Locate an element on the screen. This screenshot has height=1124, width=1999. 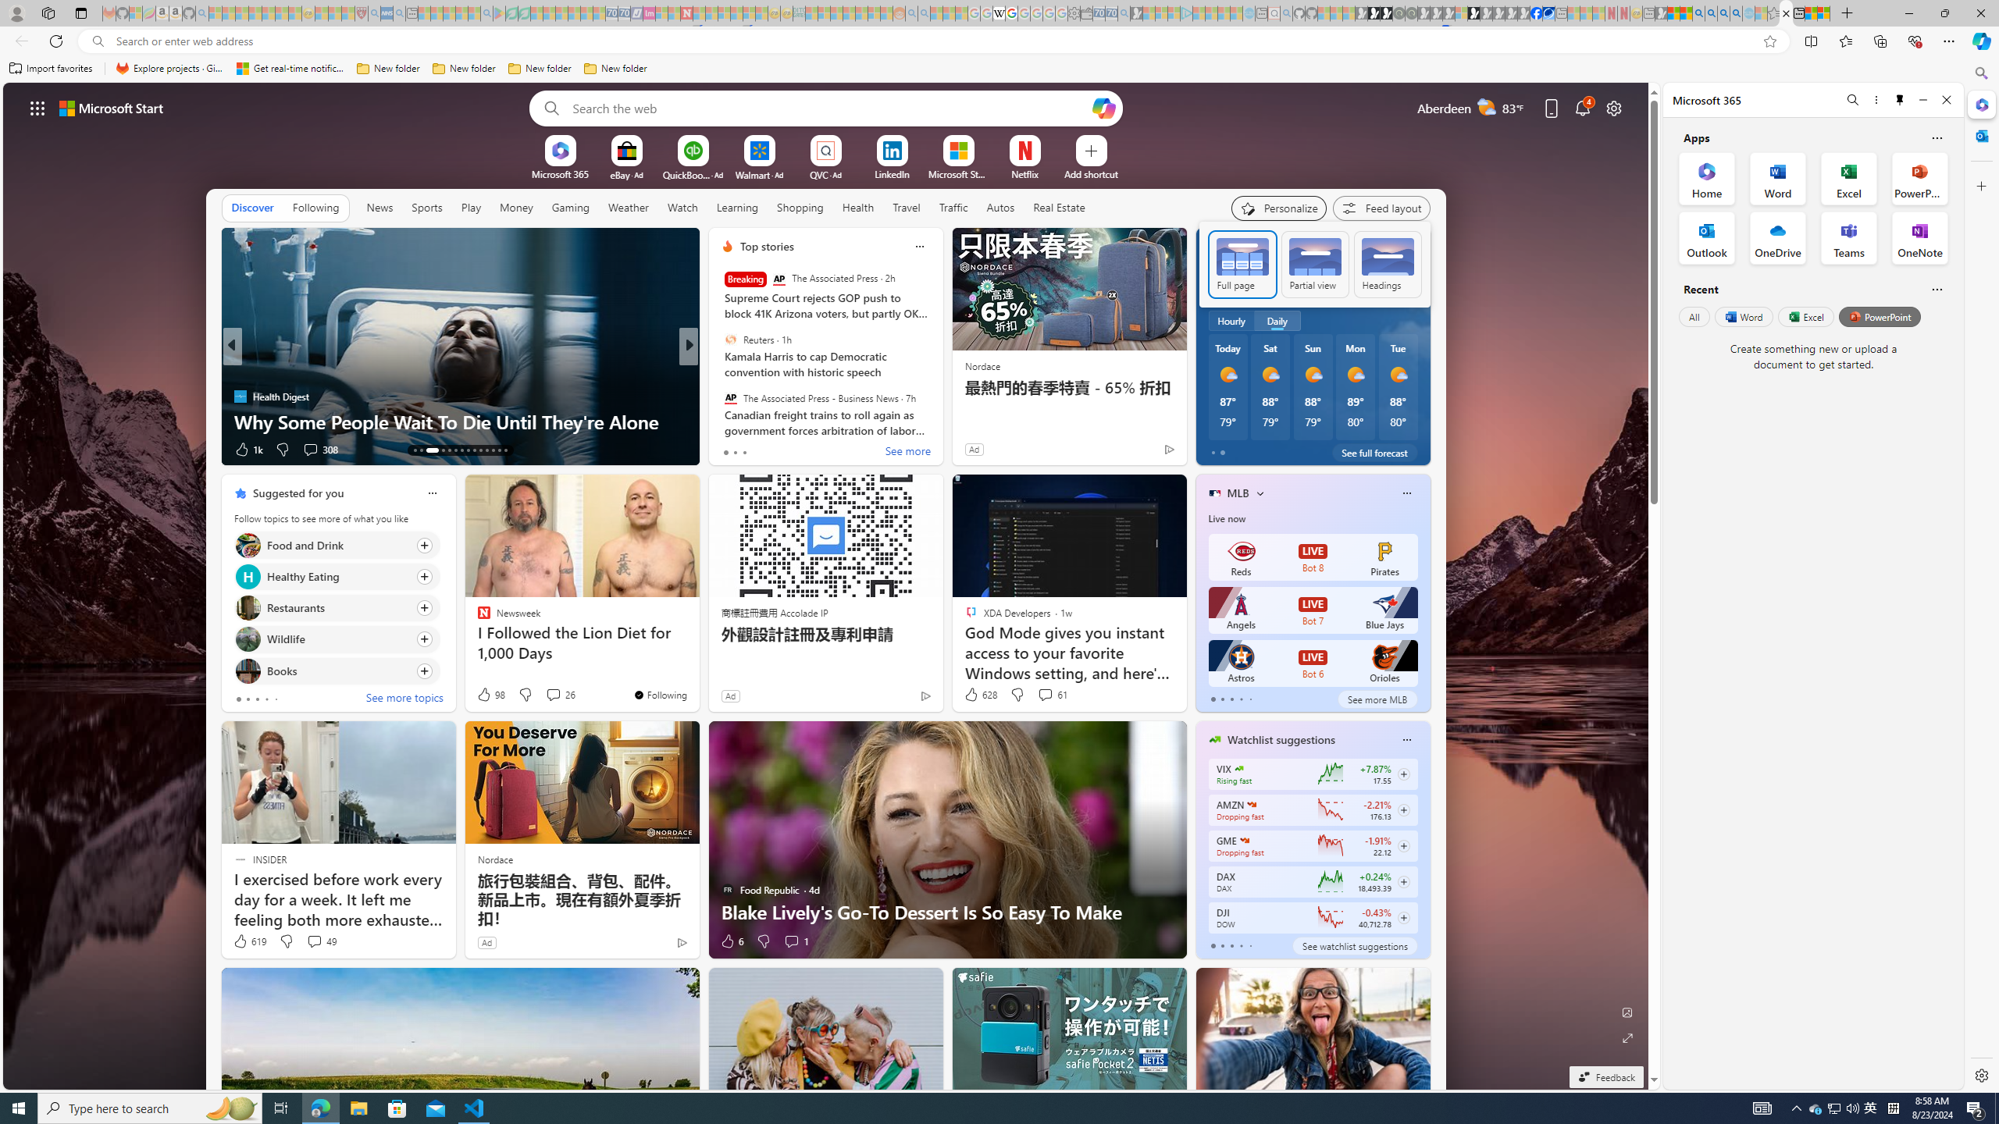
'Add a site' is located at coordinates (1089, 173).